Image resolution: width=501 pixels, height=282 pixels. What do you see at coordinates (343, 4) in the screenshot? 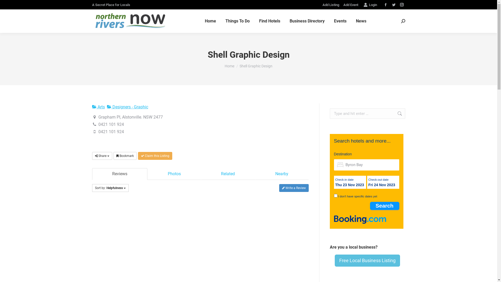
I see `'Add Event'` at bounding box center [343, 4].